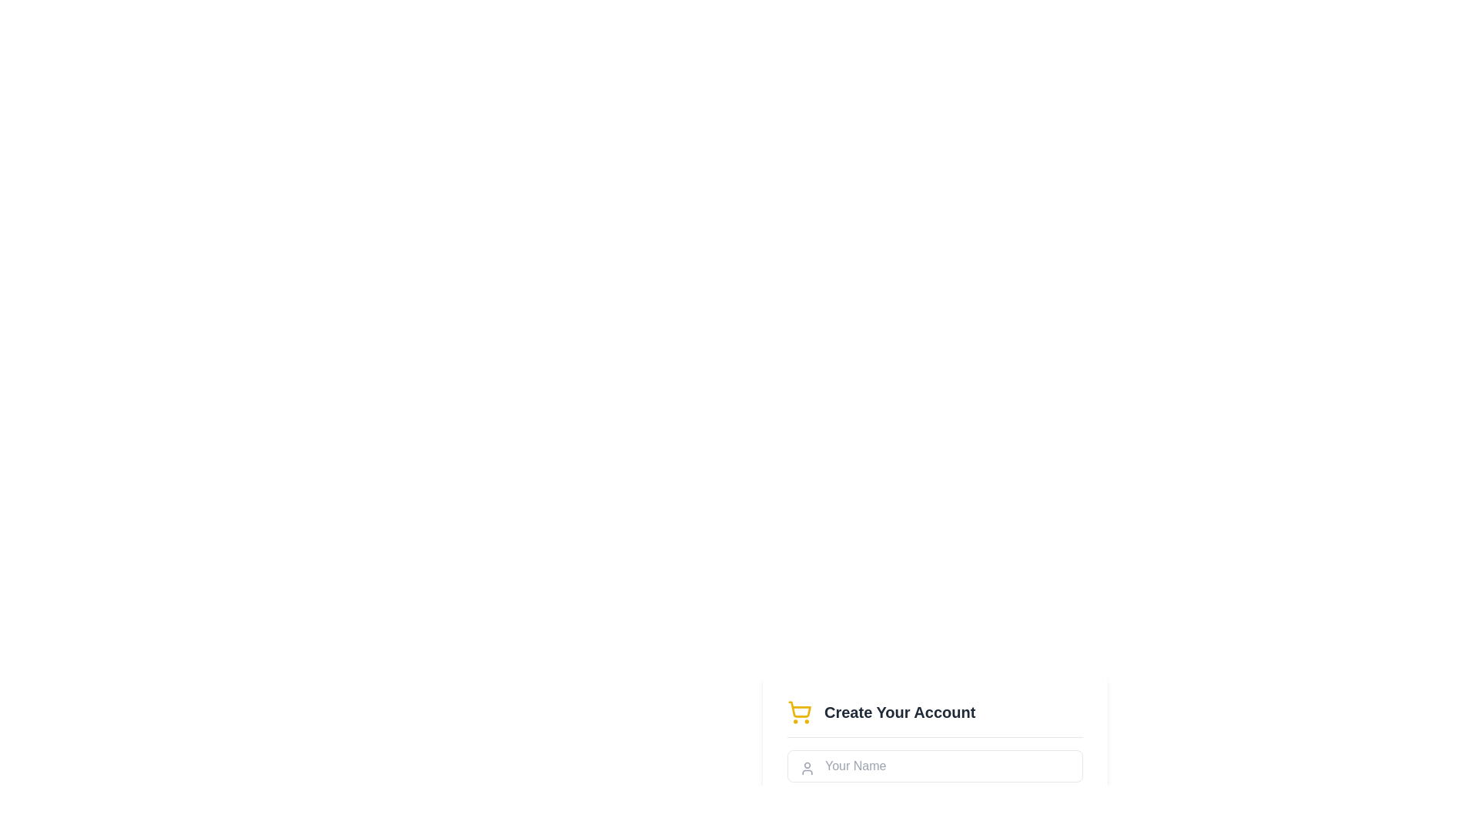  I want to click on the shopping cart icon with a yellow outline located to the left of the 'Create Your Account' heading, so click(799, 712).